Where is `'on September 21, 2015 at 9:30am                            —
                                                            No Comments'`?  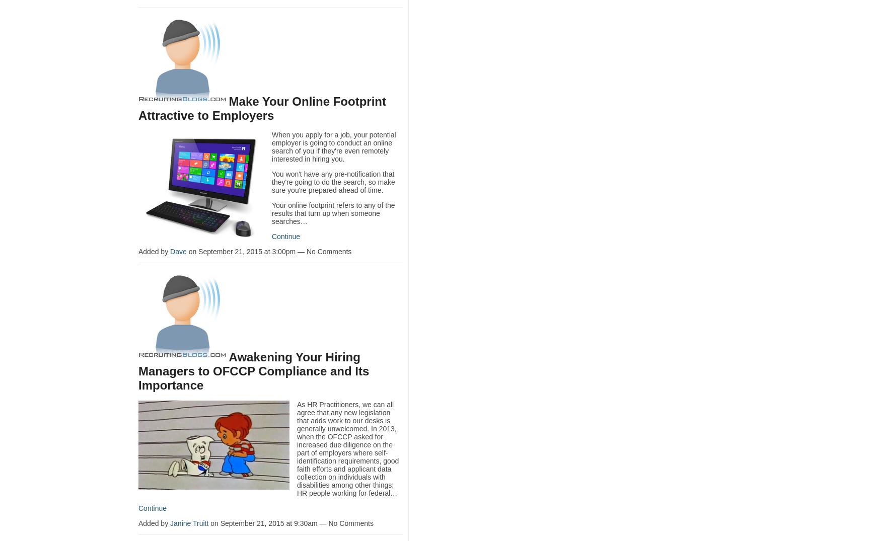
'on September 21, 2015 at 9:30am                            —
                                                            No Comments' is located at coordinates (290, 523).